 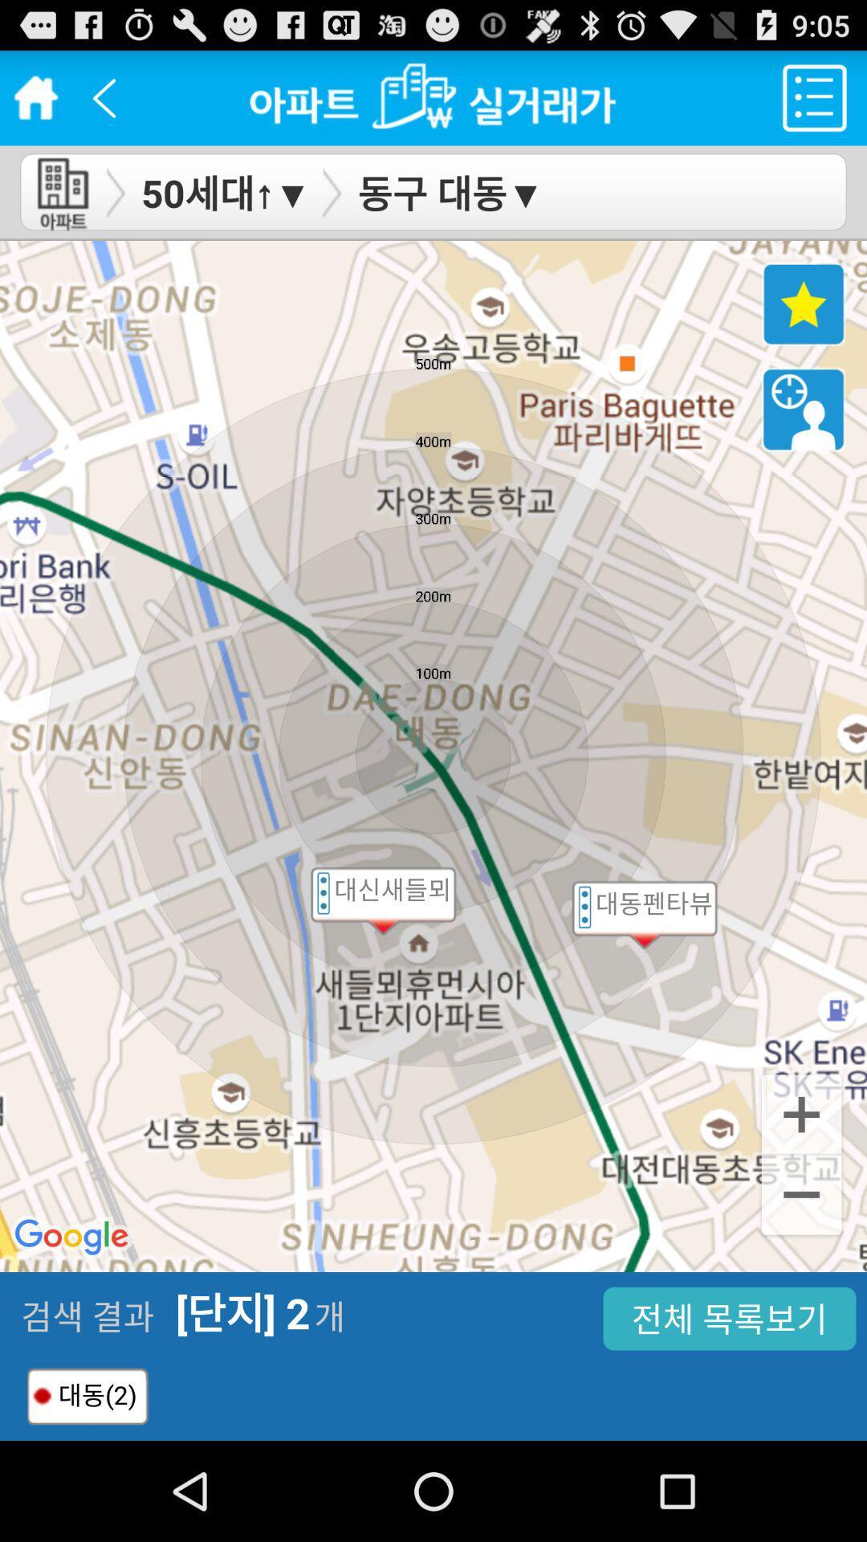 What do you see at coordinates (801, 1191) in the screenshot?
I see `the add icon` at bounding box center [801, 1191].